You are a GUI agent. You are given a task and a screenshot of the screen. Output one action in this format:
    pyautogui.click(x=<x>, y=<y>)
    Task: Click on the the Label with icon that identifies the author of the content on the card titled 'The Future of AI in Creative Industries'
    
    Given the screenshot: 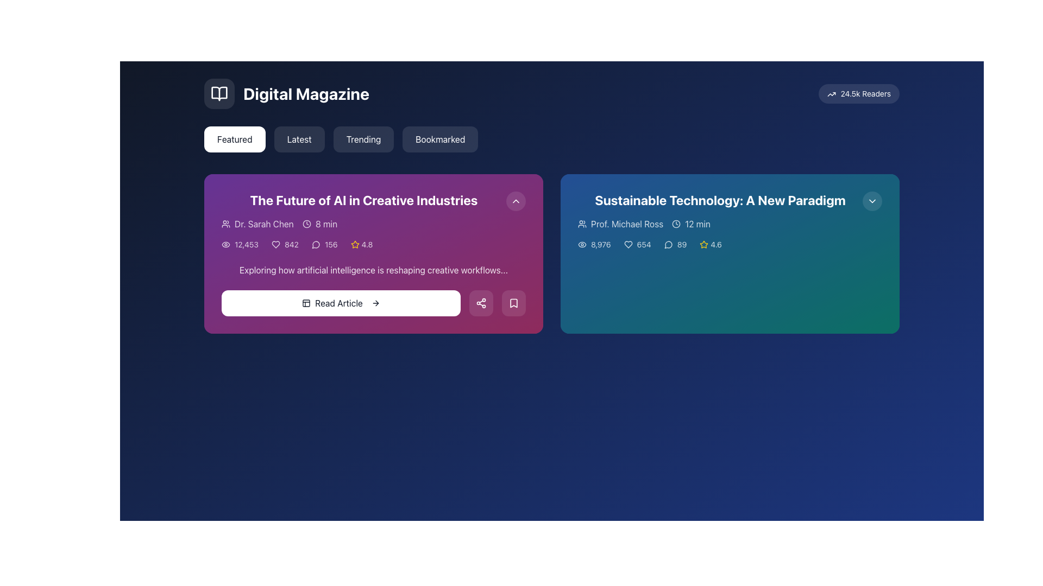 What is the action you would take?
    pyautogui.click(x=257, y=223)
    